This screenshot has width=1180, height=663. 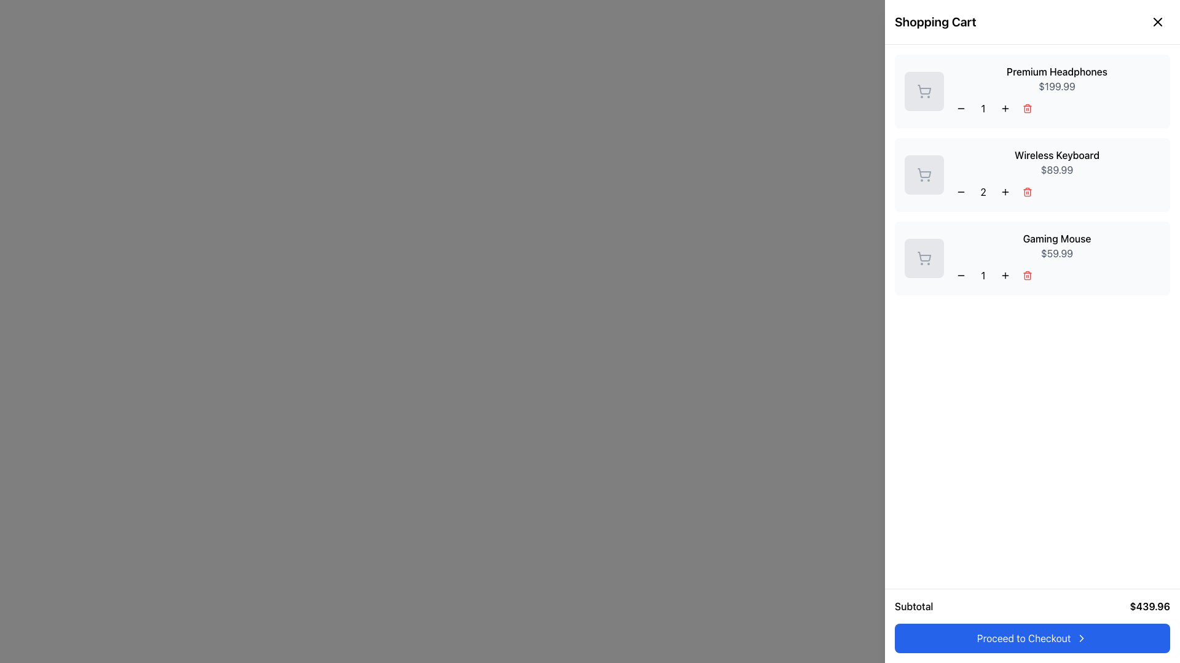 What do you see at coordinates (1157, 21) in the screenshot?
I see `the close button located in the top-right corner of the shopping cart interface to hide or remove the displayed shopping cart` at bounding box center [1157, 21].